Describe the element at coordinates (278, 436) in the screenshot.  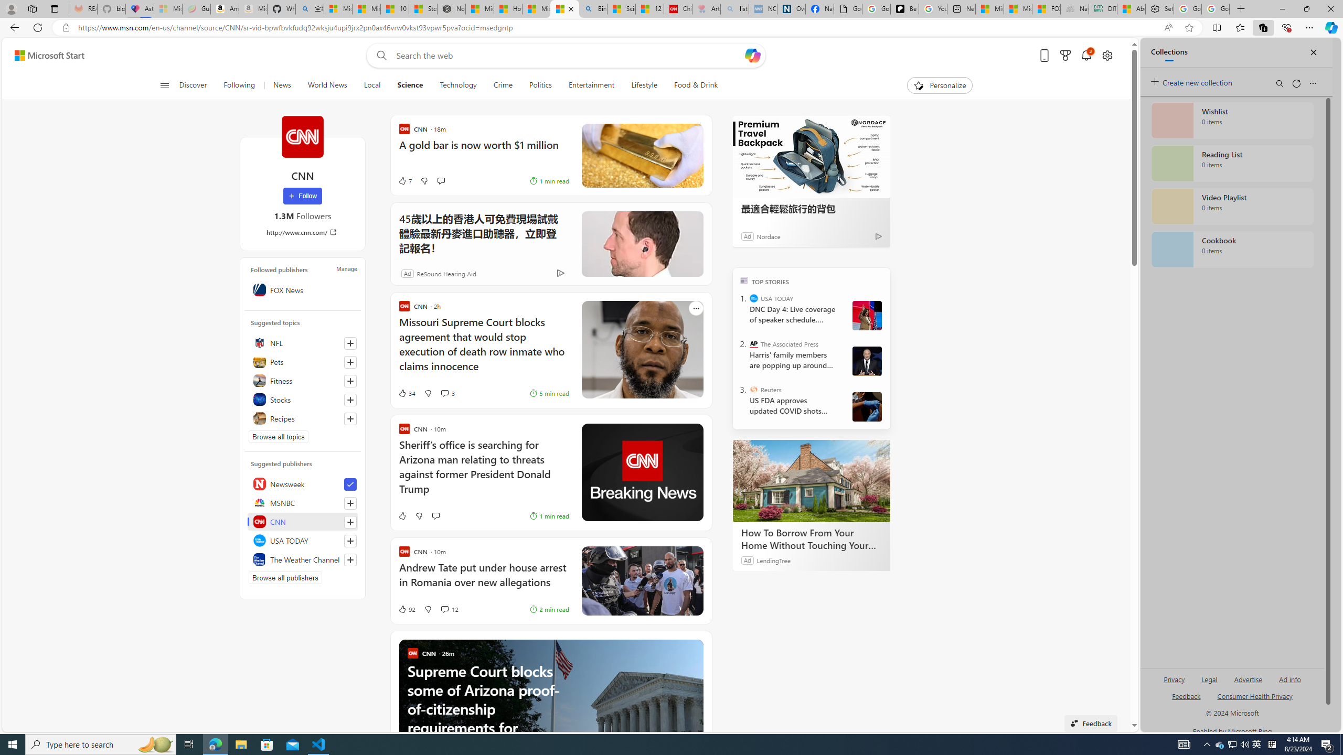
I see `'Browse all topics'` at that location.